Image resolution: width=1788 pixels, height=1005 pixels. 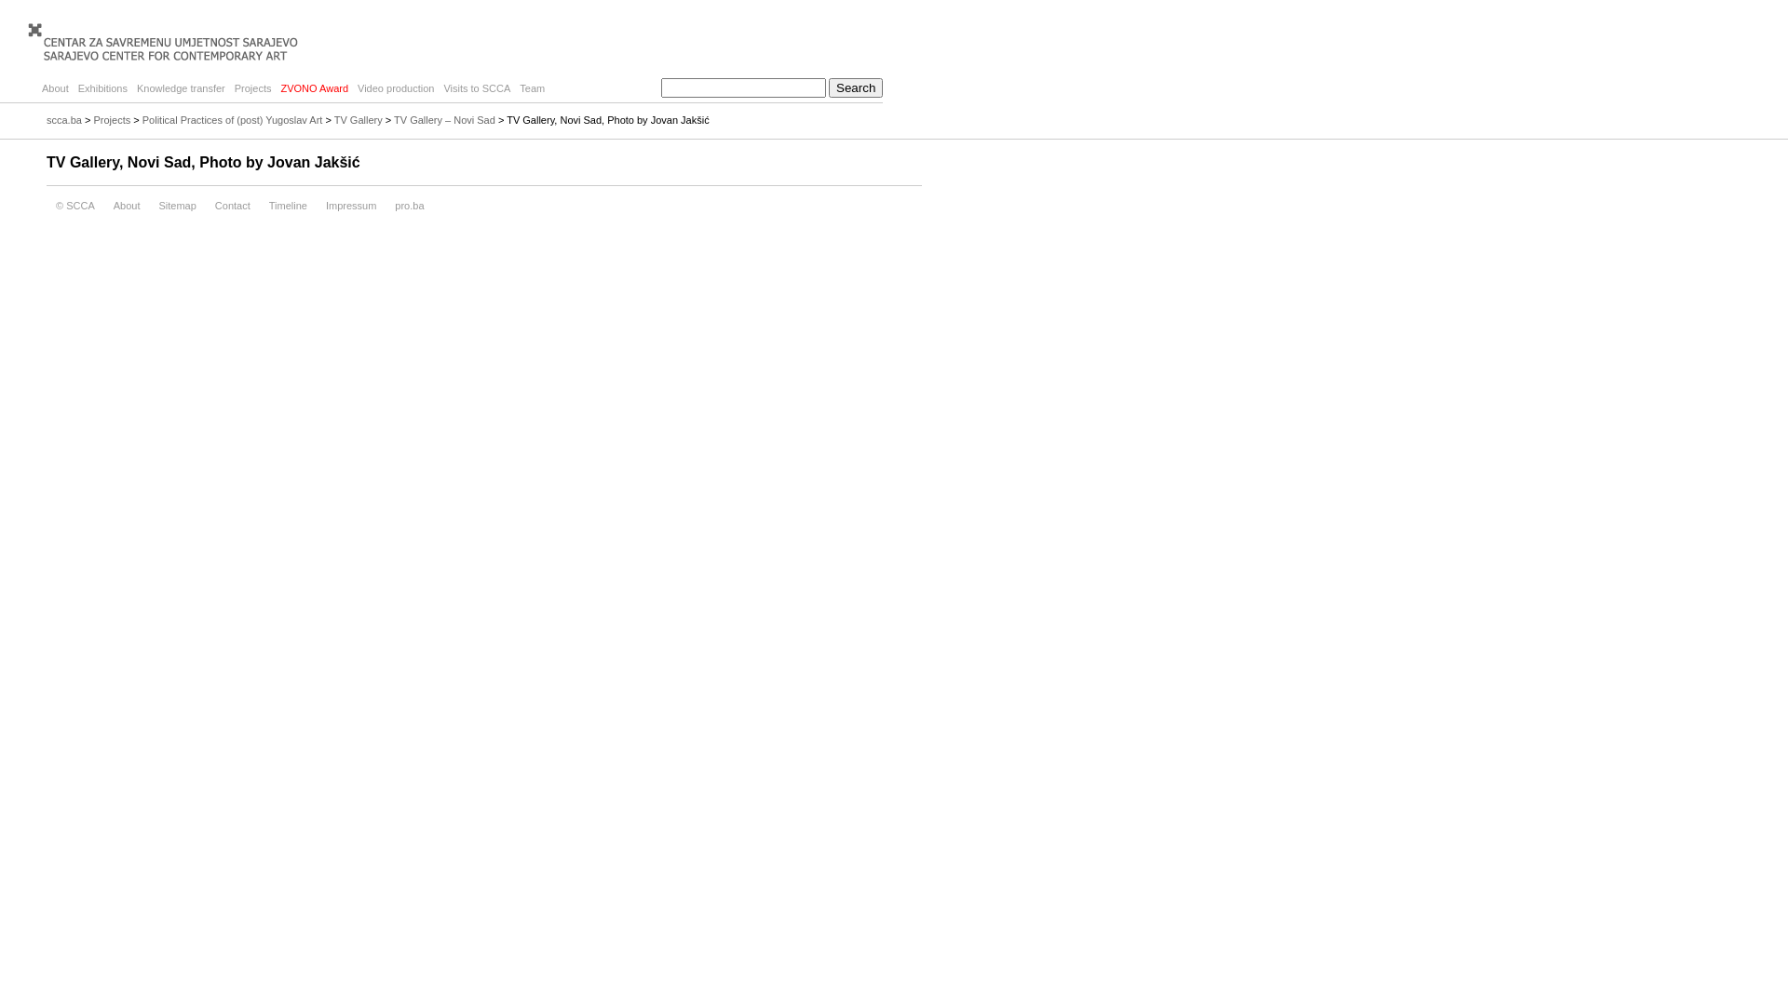 I want to click on 'ZVONO Award', so click(x=314, y=88).